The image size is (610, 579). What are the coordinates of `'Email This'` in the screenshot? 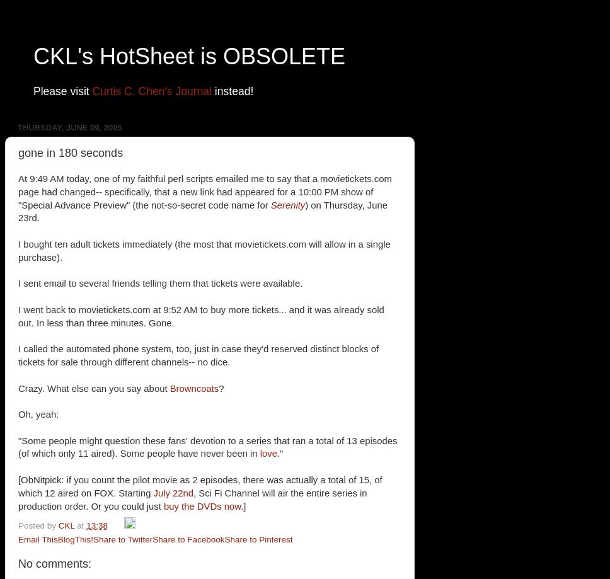 It's located at (37, 538).